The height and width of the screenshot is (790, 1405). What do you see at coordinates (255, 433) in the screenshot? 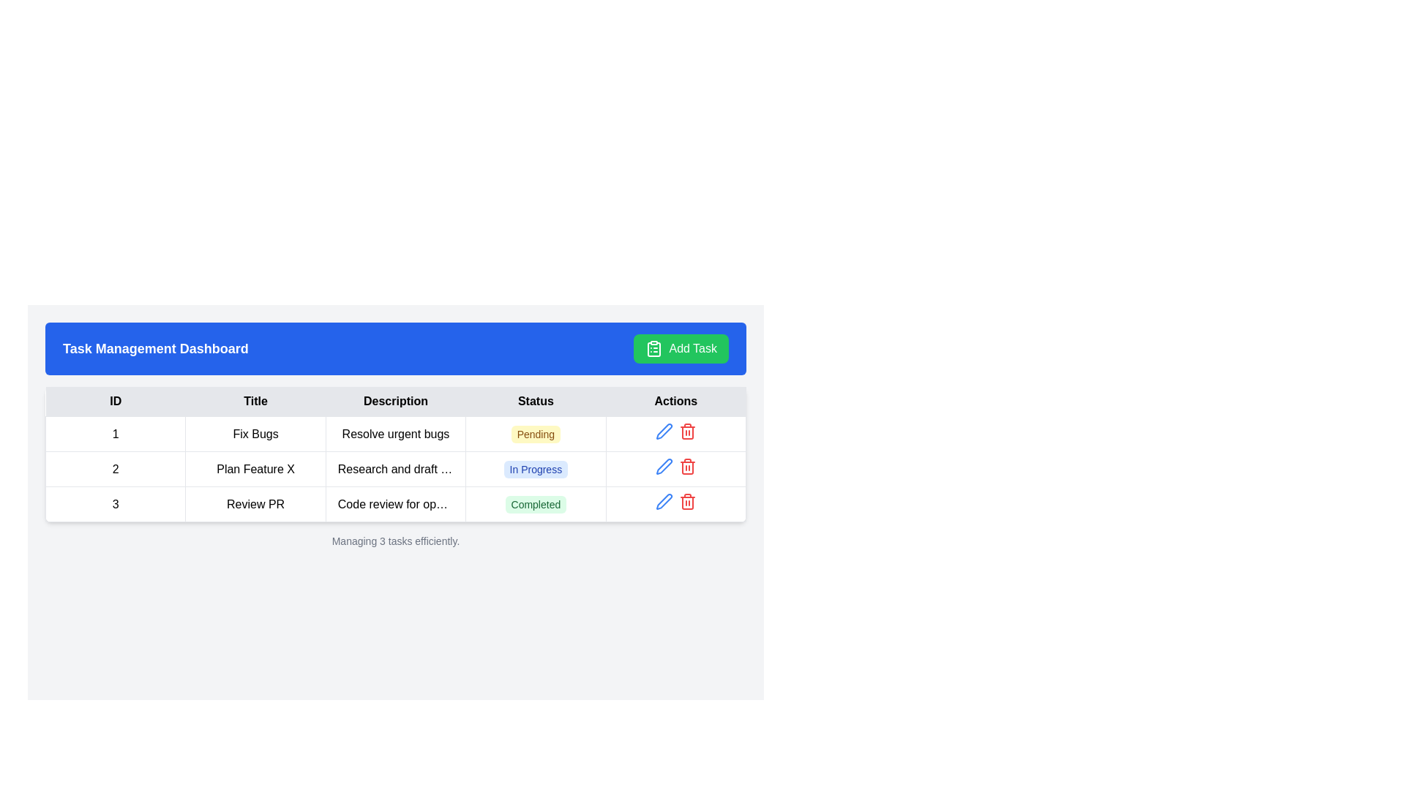
I see `the 'Fix Bugs' text label displayed in a bold sans-serif font within the 'Title' column of the task management dashboard` at bounding box center [255, 433].